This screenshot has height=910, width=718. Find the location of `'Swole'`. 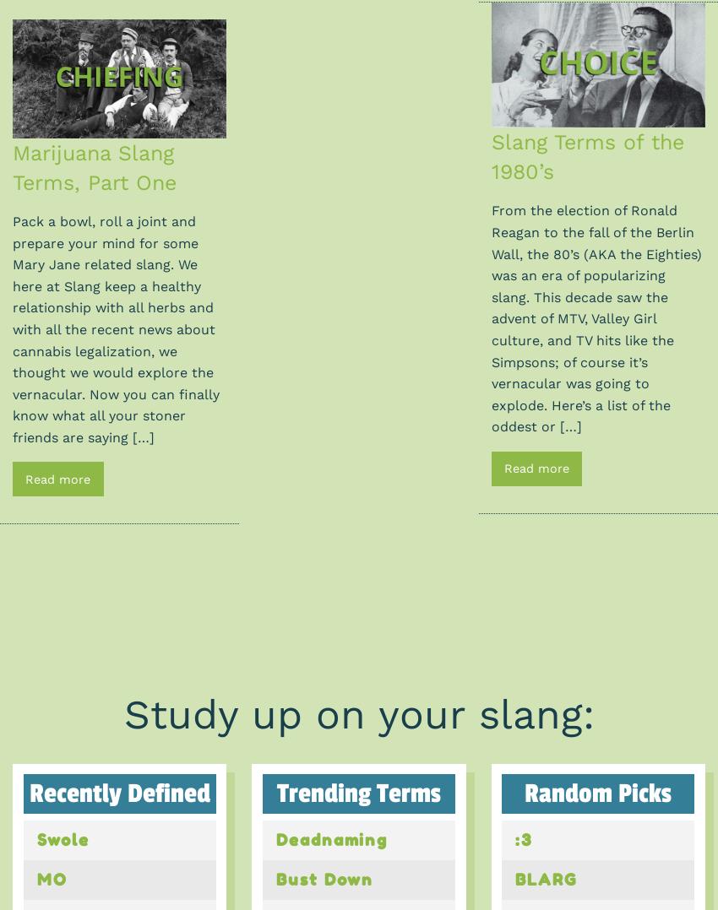

'Swole' is located at coordinates (35, 839).